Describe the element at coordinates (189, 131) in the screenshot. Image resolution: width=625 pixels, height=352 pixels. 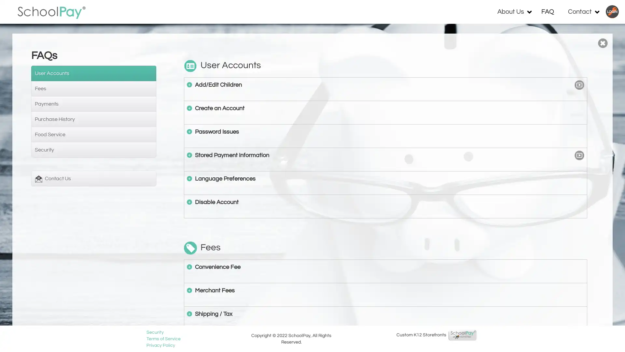
I see `Password Issues` at that location.